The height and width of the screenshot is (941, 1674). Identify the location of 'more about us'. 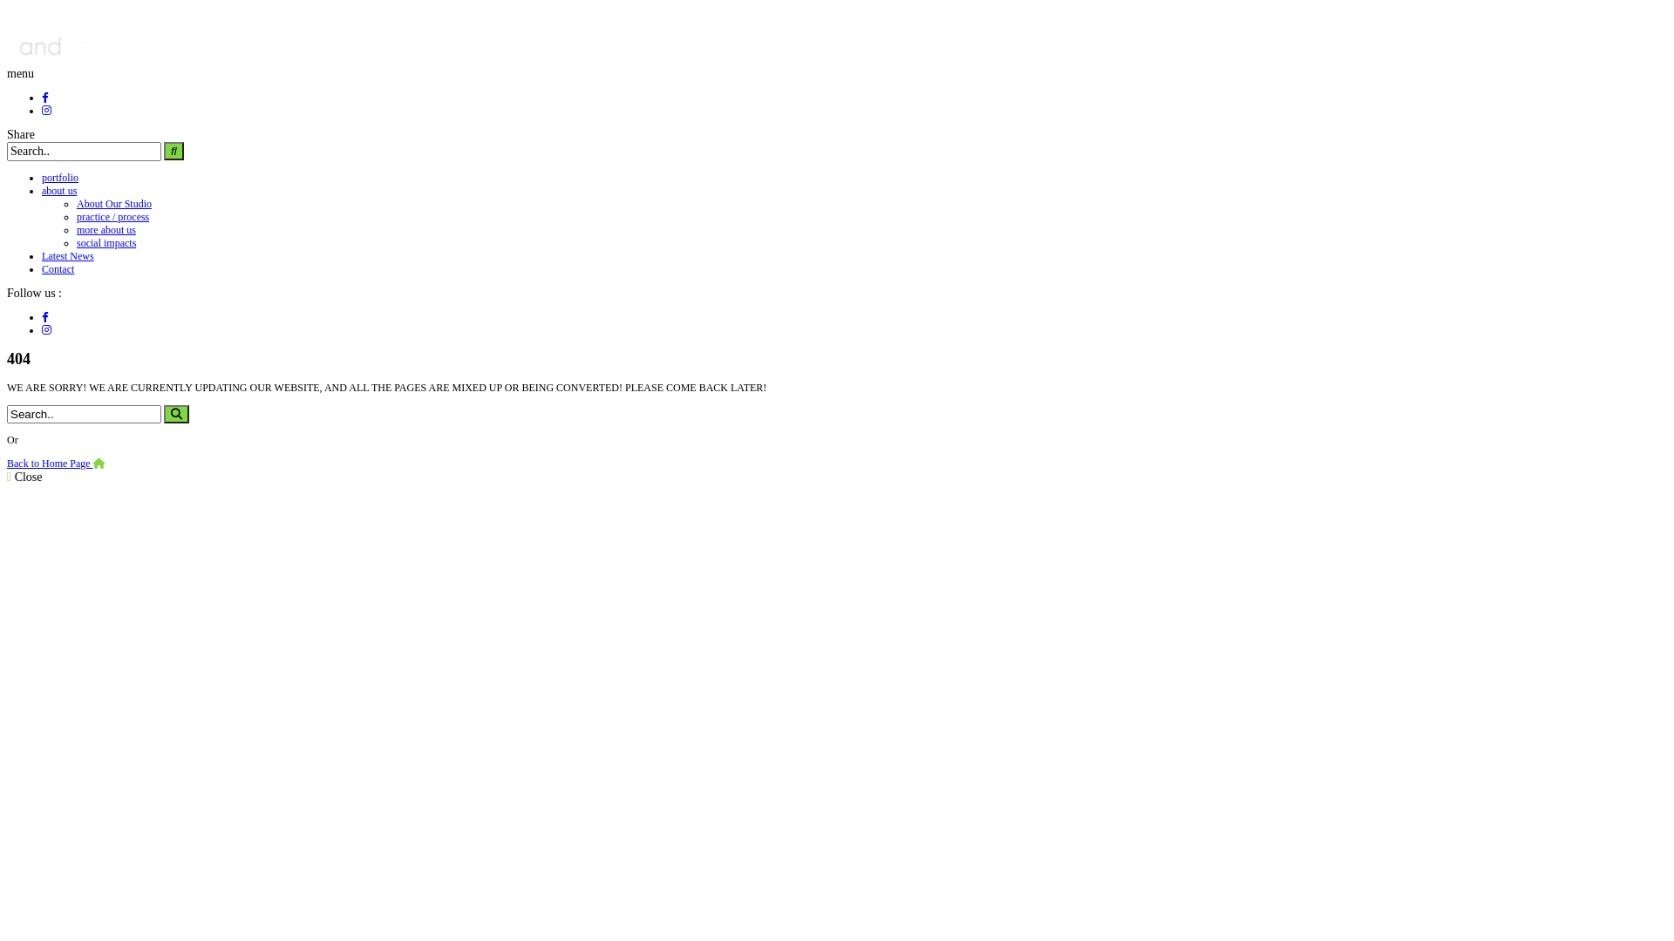
(105, 228).